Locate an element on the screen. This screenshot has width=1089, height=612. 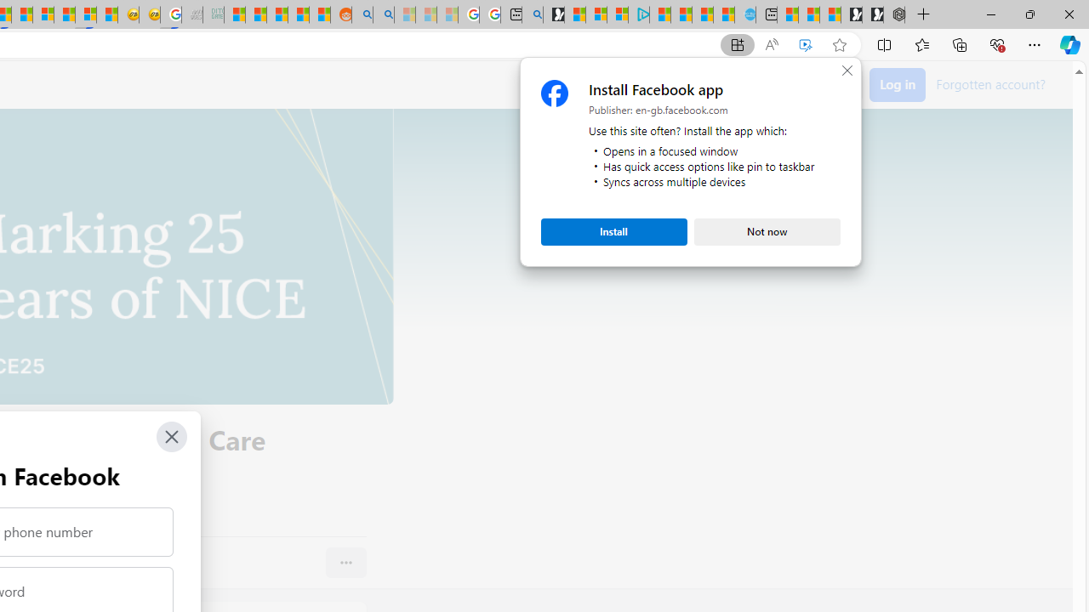
'Install' is located at coordinates (613, 231).